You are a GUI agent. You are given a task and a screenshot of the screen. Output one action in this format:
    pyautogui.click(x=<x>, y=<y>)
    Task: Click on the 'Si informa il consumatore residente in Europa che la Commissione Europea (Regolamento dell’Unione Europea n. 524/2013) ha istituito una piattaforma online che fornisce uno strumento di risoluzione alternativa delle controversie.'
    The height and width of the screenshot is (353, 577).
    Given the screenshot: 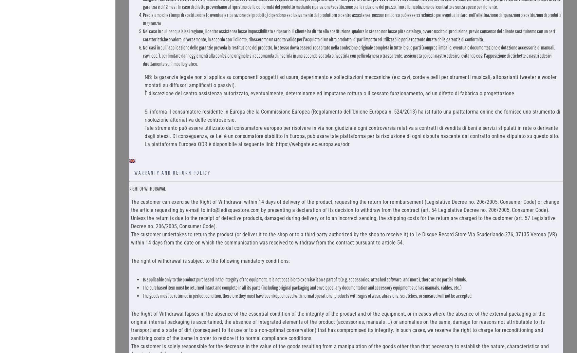 What is the action you would take?
    pyautogui.click(x=352, y=115)
    